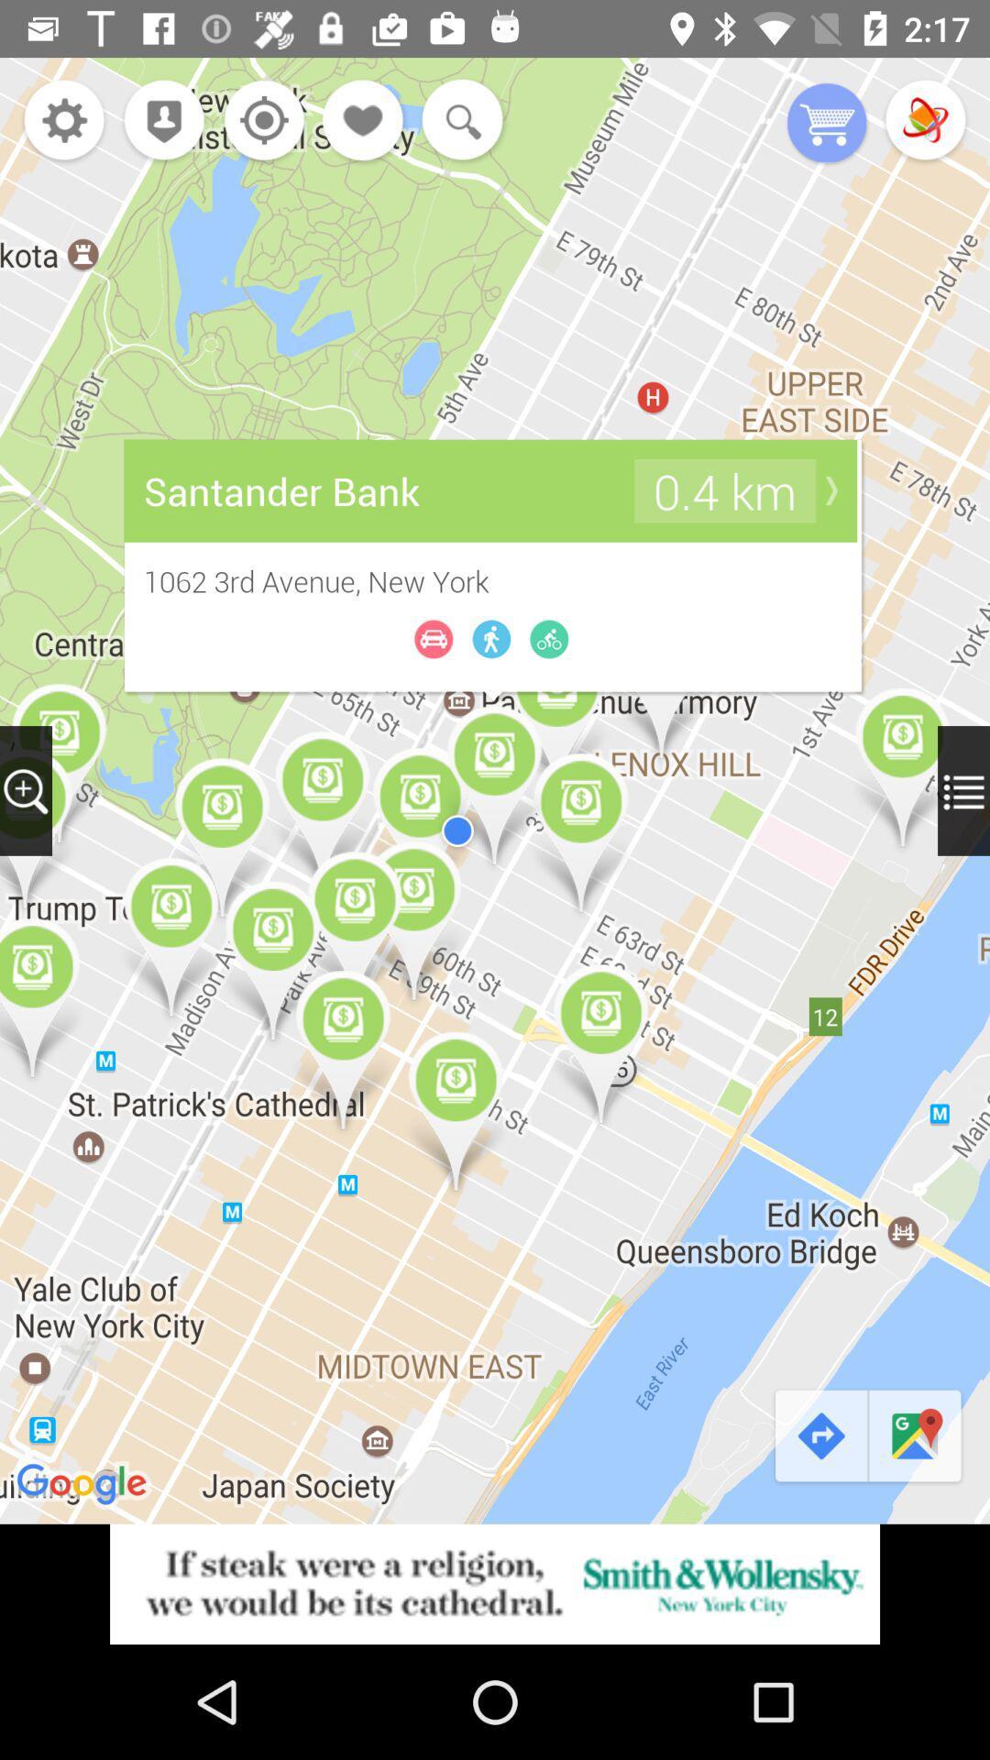  Describe the element at coordinates (158, 121) in the screenshot. I see `show profile` at that location.